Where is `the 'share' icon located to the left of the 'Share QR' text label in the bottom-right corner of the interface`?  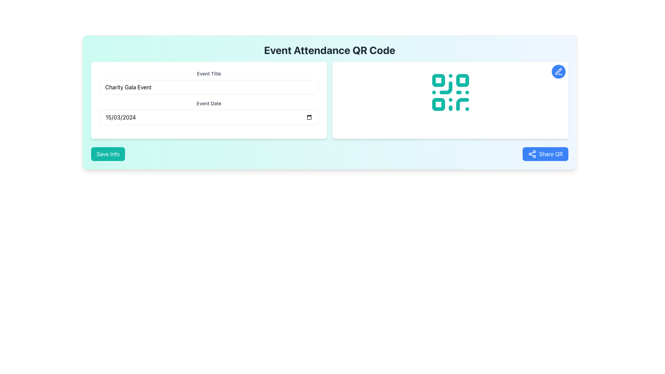
the 'share' icon located to the left of the 'Share QR' text label in the bottom-right corner of the interface is located at coordinates (532, 153).